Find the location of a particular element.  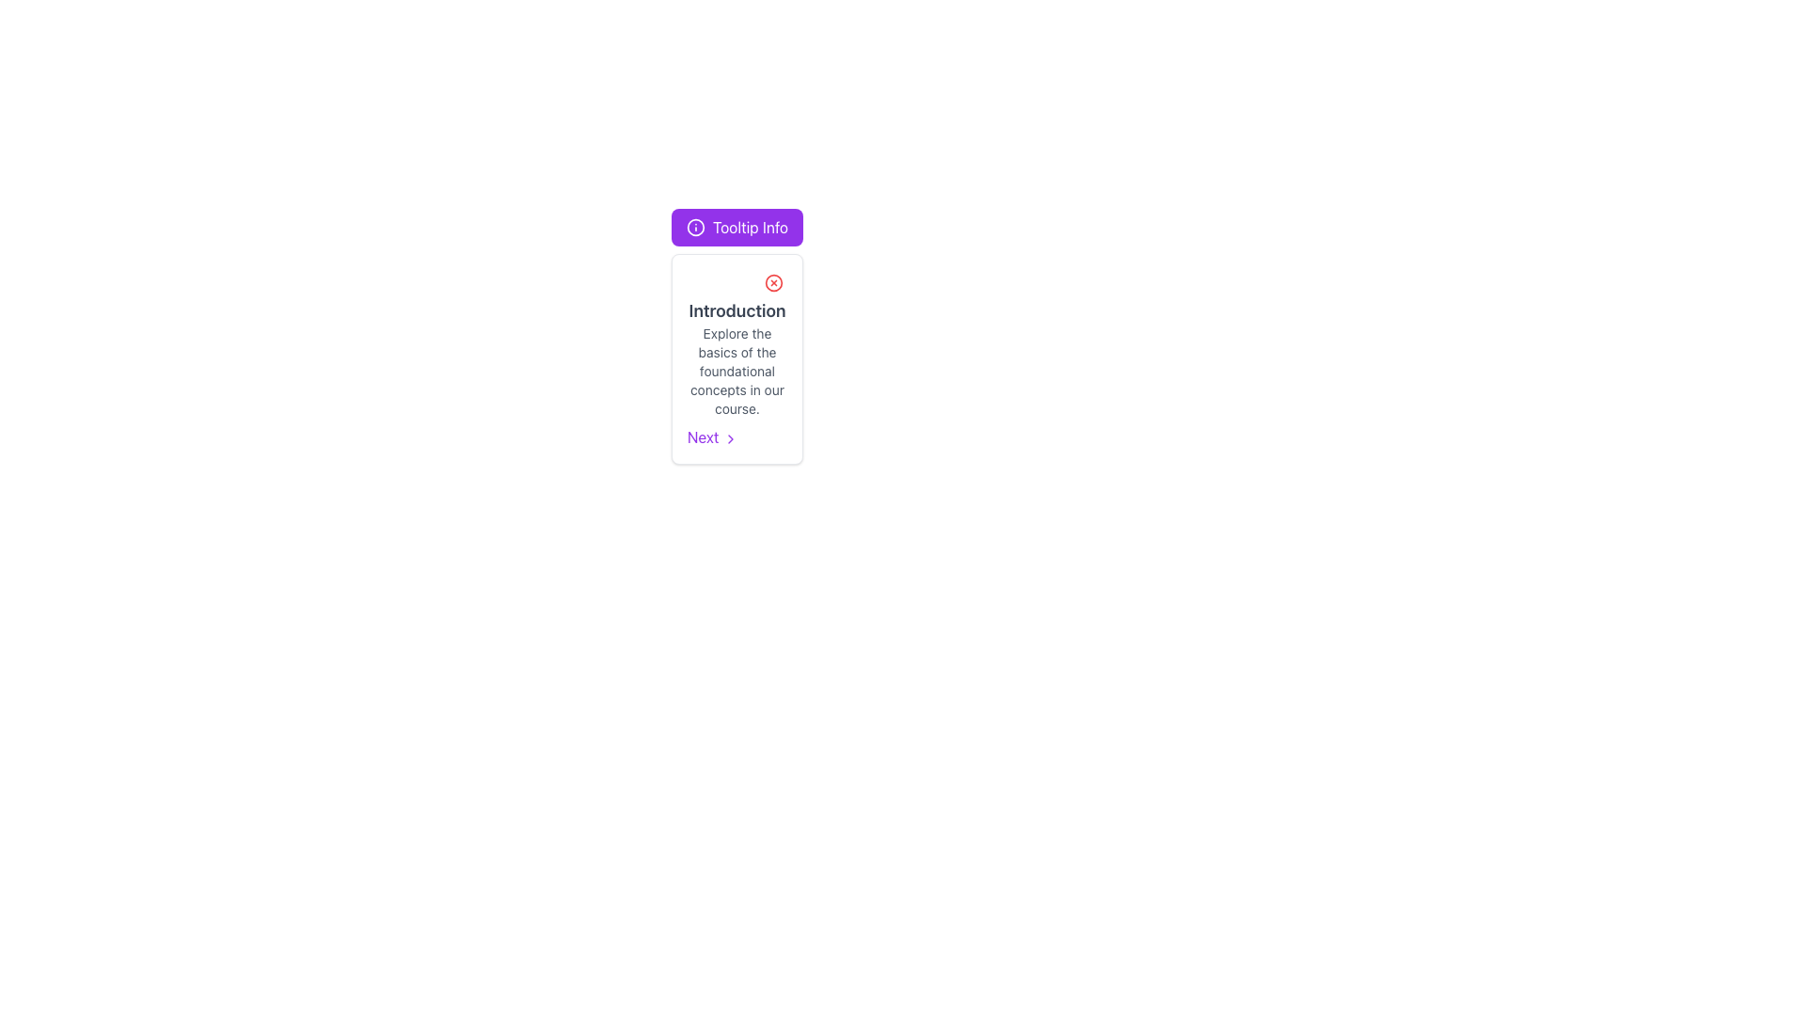

the 'Next' button area which features a right-pointing chevron icon to provide visual feedback is located at coordinates (729, 438).